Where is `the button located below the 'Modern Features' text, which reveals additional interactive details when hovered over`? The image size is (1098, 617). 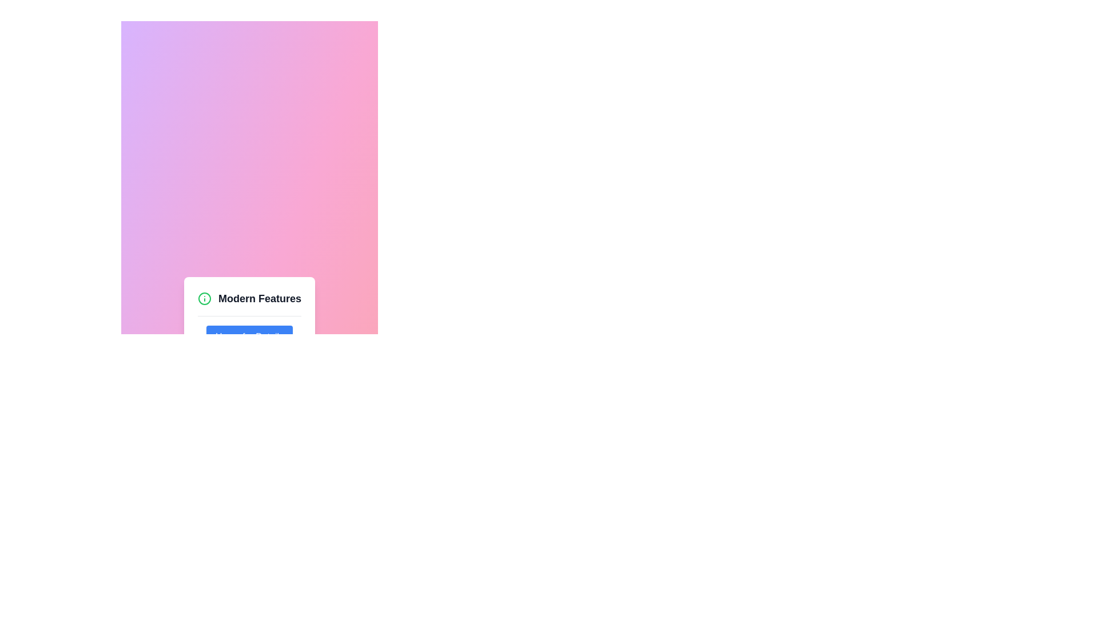 the button located below the 'Modern Features' text, which reveals additional interactive details when hovered over is located at coordinates (249, 336).